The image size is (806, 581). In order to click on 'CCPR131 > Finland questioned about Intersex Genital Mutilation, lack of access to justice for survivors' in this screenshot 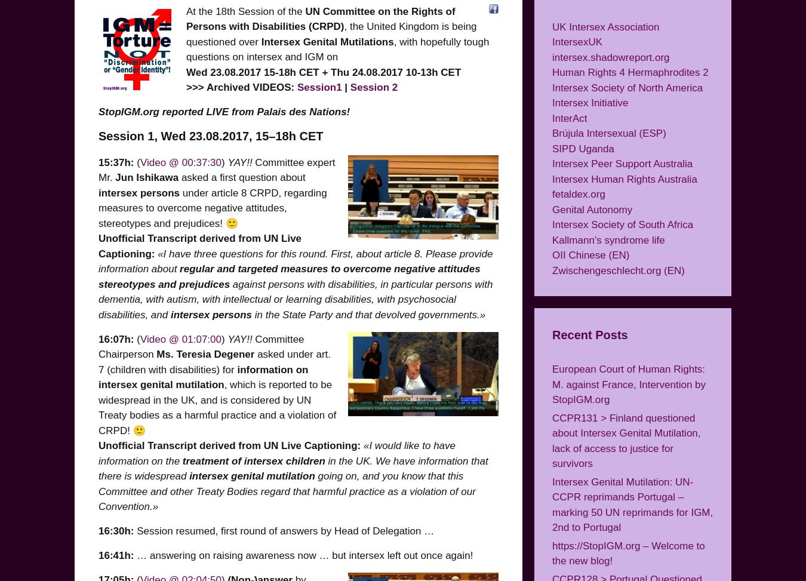, I will do `click(626, 441)`.